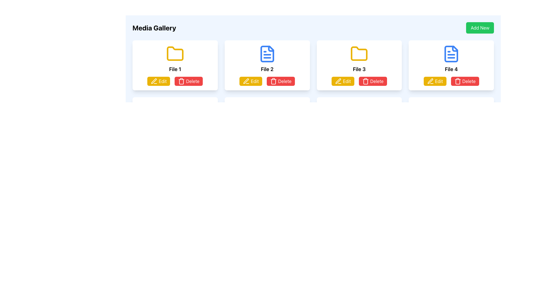 This screenshot has width=546, height=307. What do you see at coordinates (267, 54) in the screenshot?
I see `the blue document-style icon located above the label 'File 2' in the second card of the gallery layout` at bounding box center [267, 54].